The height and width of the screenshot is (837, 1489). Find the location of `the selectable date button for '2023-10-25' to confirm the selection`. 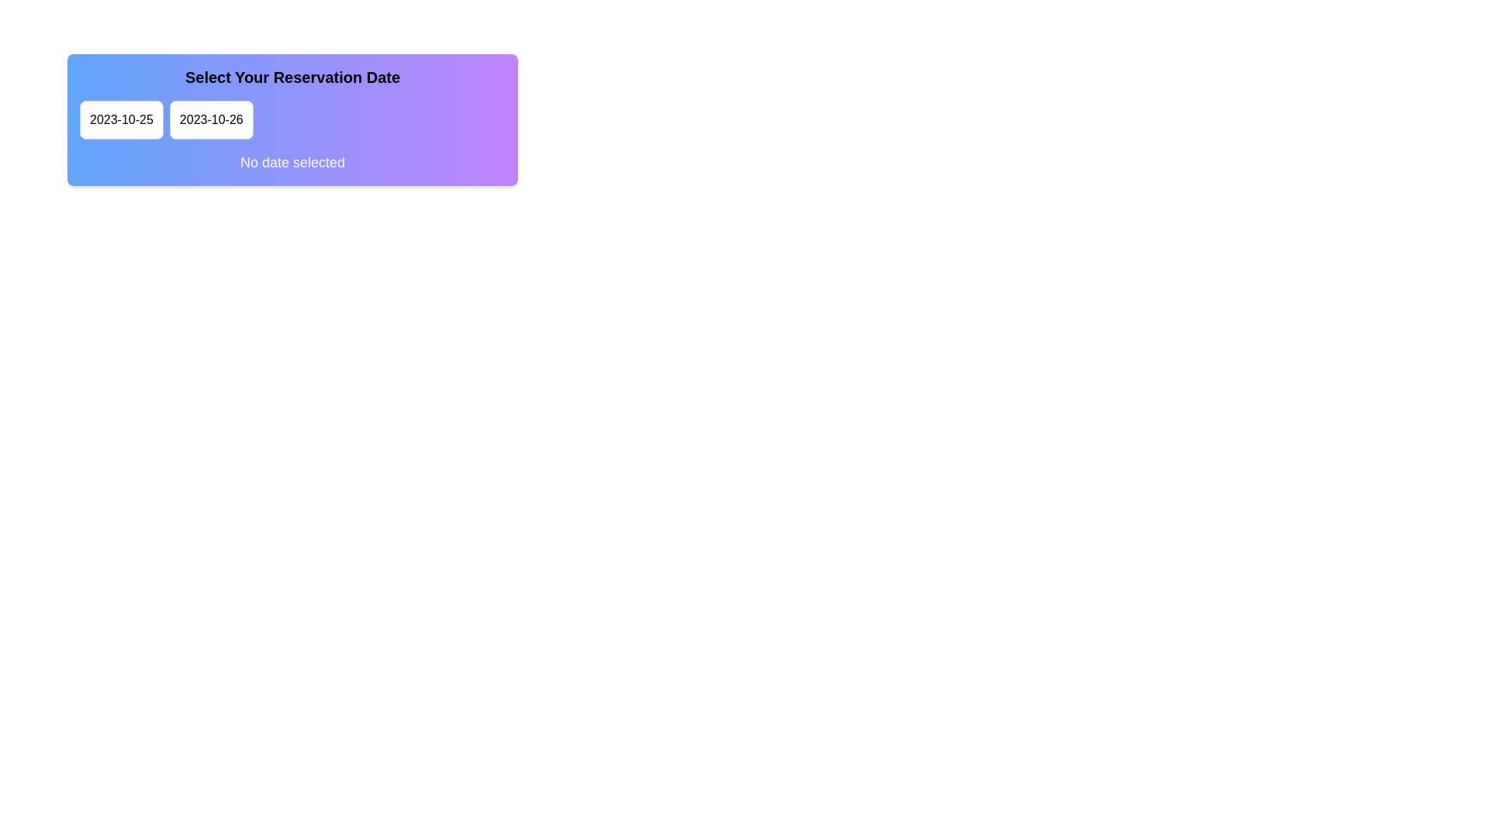

the selectable date button for '2023-10-25' to confirm the selection is located at coordinates (120, 119).